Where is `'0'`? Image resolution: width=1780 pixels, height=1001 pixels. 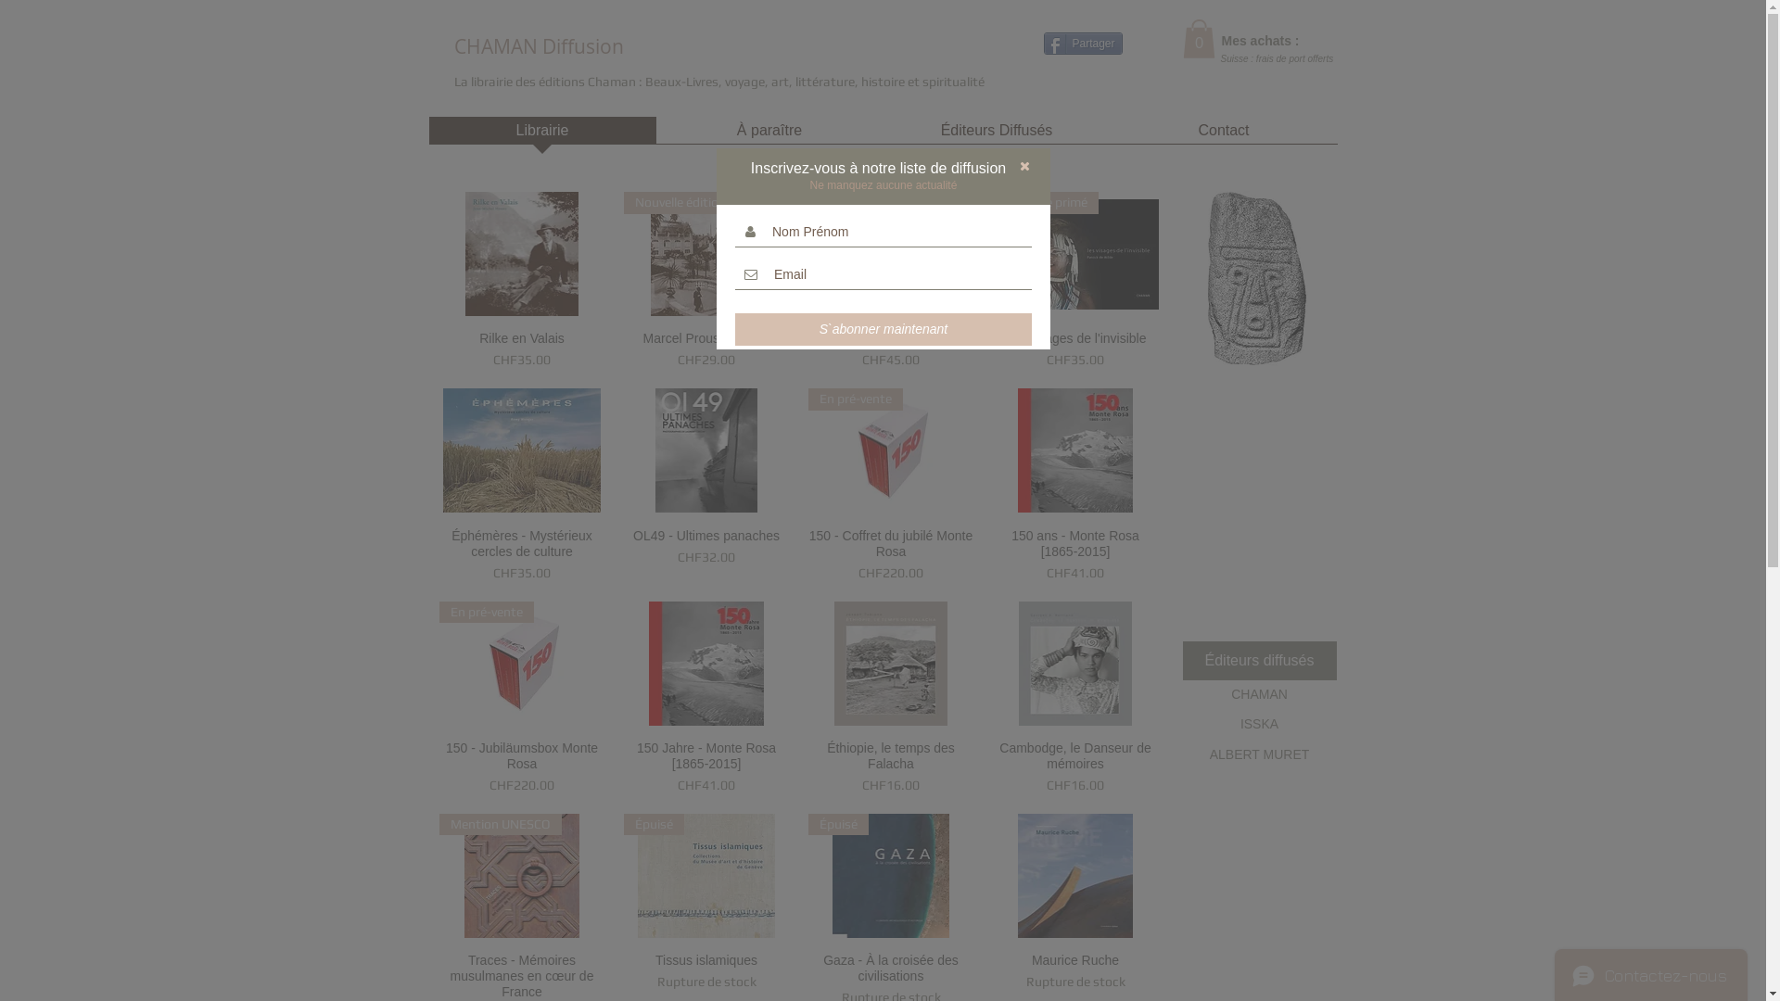
'0' is located at coordinates (1199, 39).